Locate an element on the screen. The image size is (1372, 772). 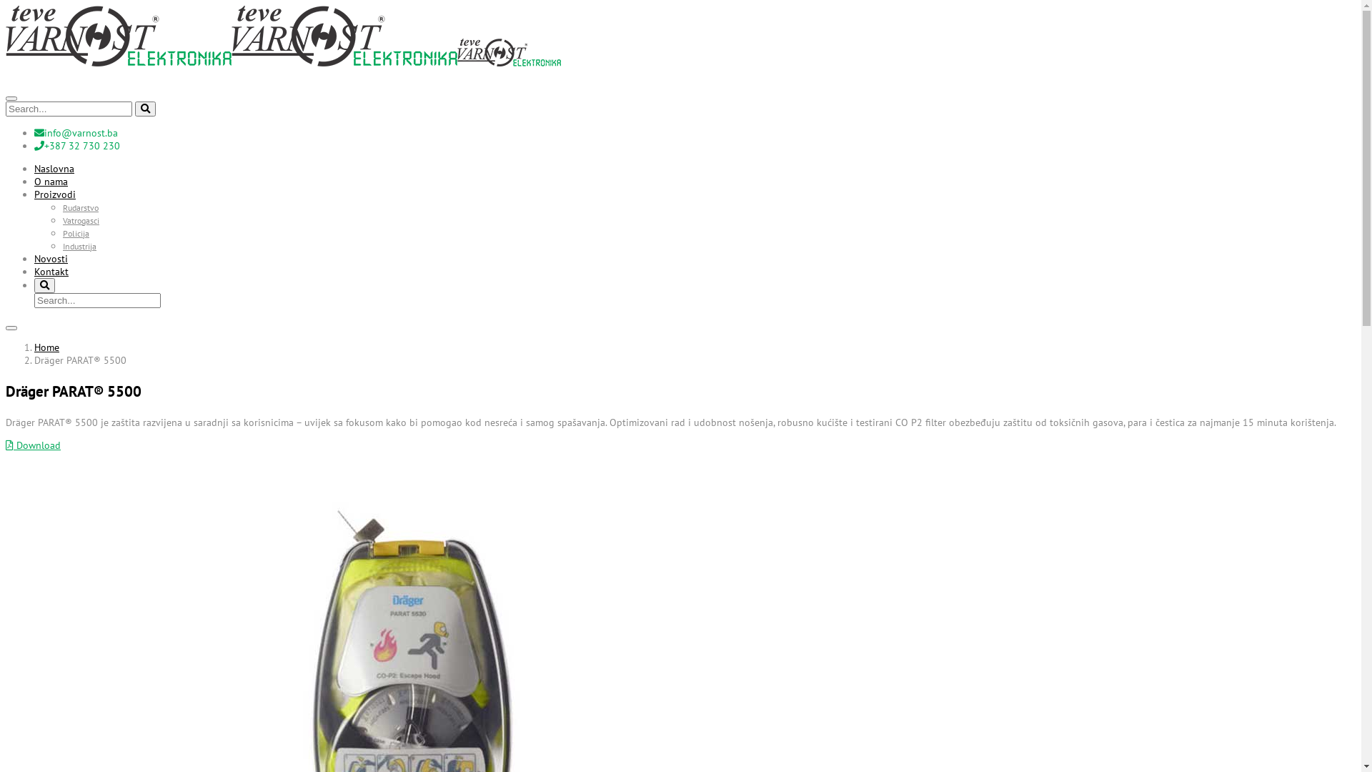
'Novosti' is located at coordinates (34, 258).